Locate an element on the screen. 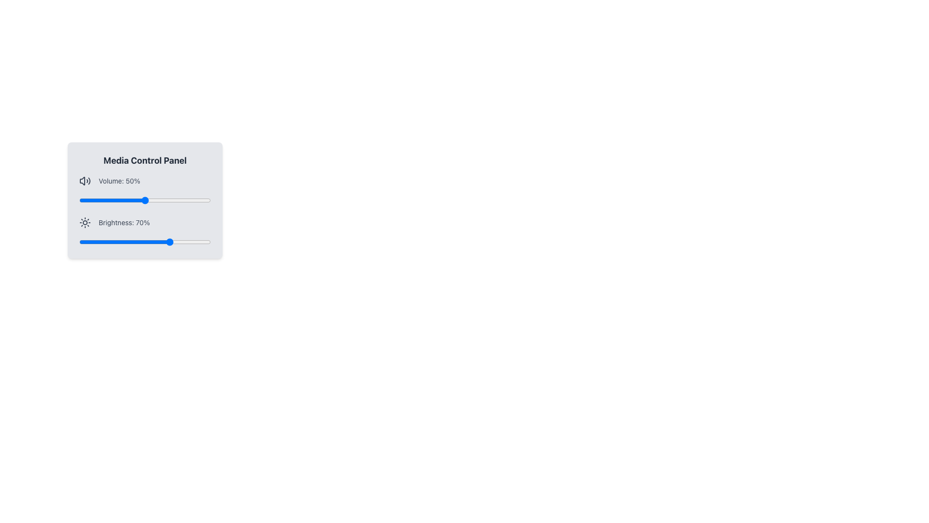 The width and height of the screenshot is (929, 523). brightness is located at coordinates (208, 242).